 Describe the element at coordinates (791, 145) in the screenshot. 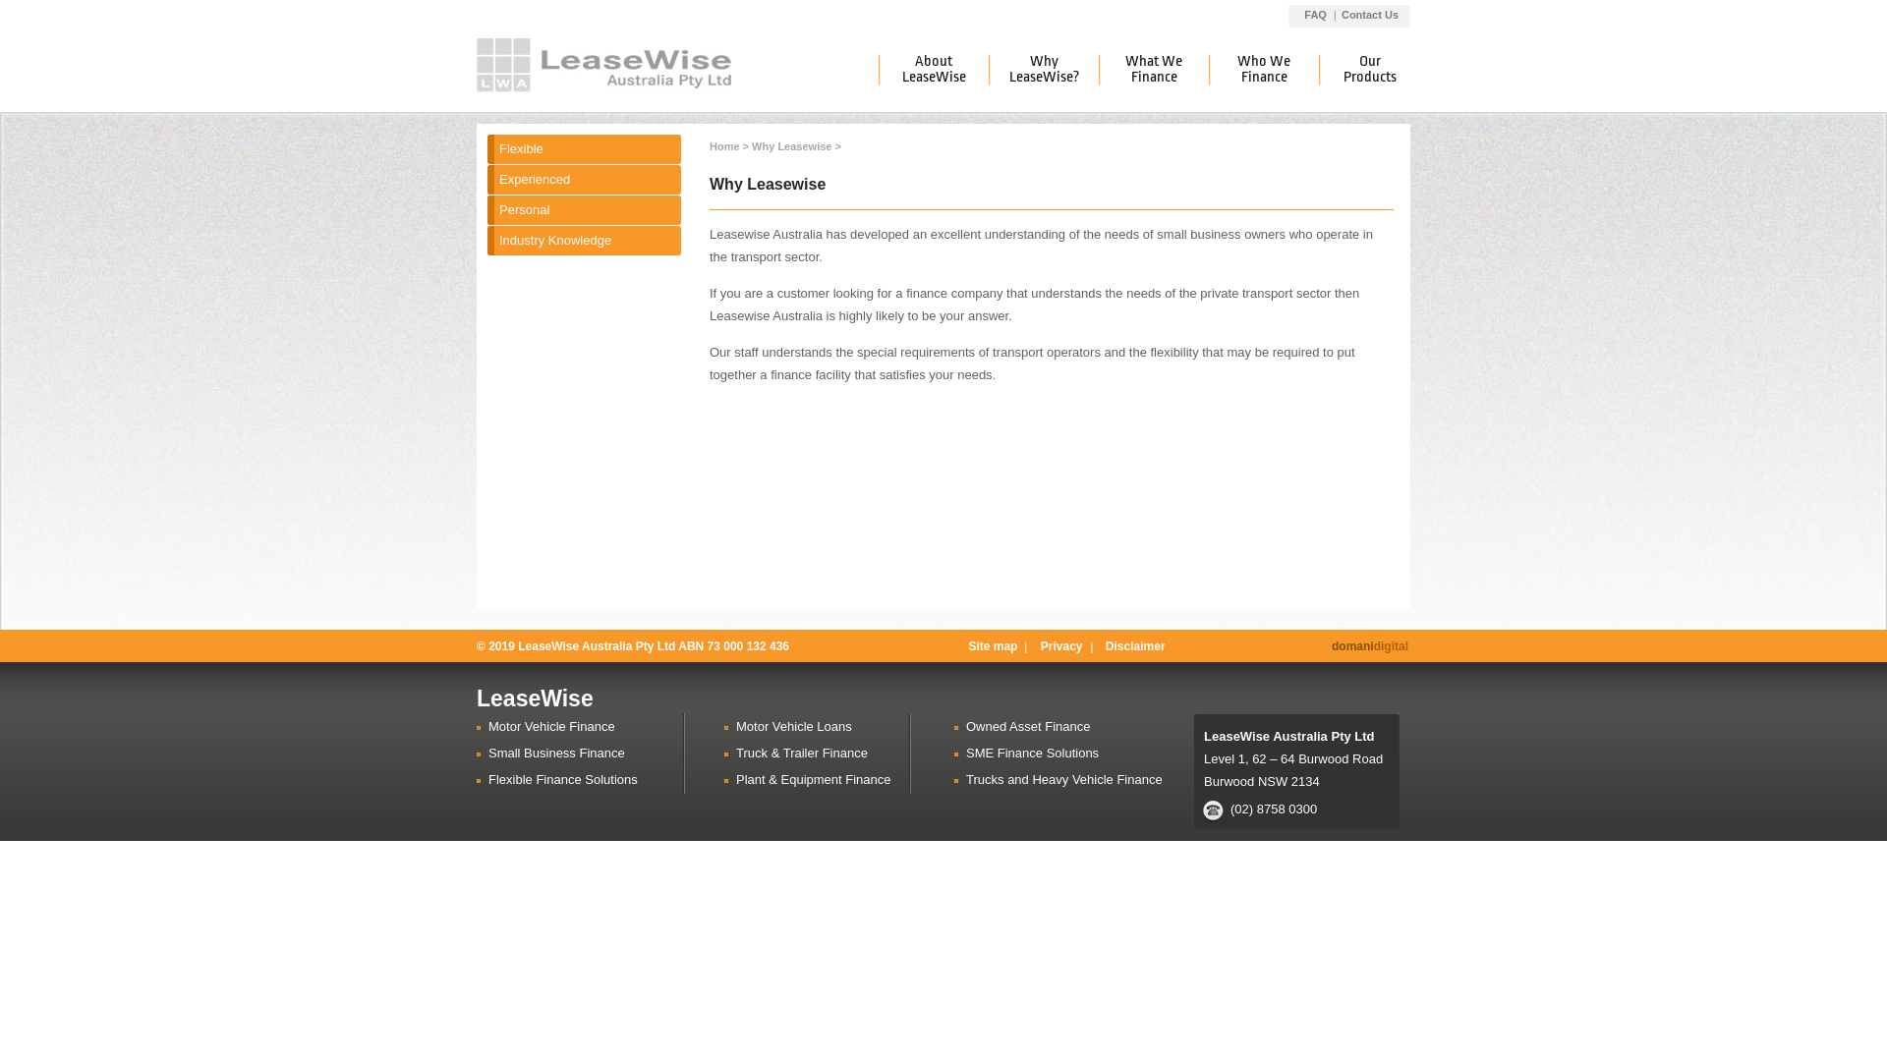

I see `'Why Leasewise'` at that location.